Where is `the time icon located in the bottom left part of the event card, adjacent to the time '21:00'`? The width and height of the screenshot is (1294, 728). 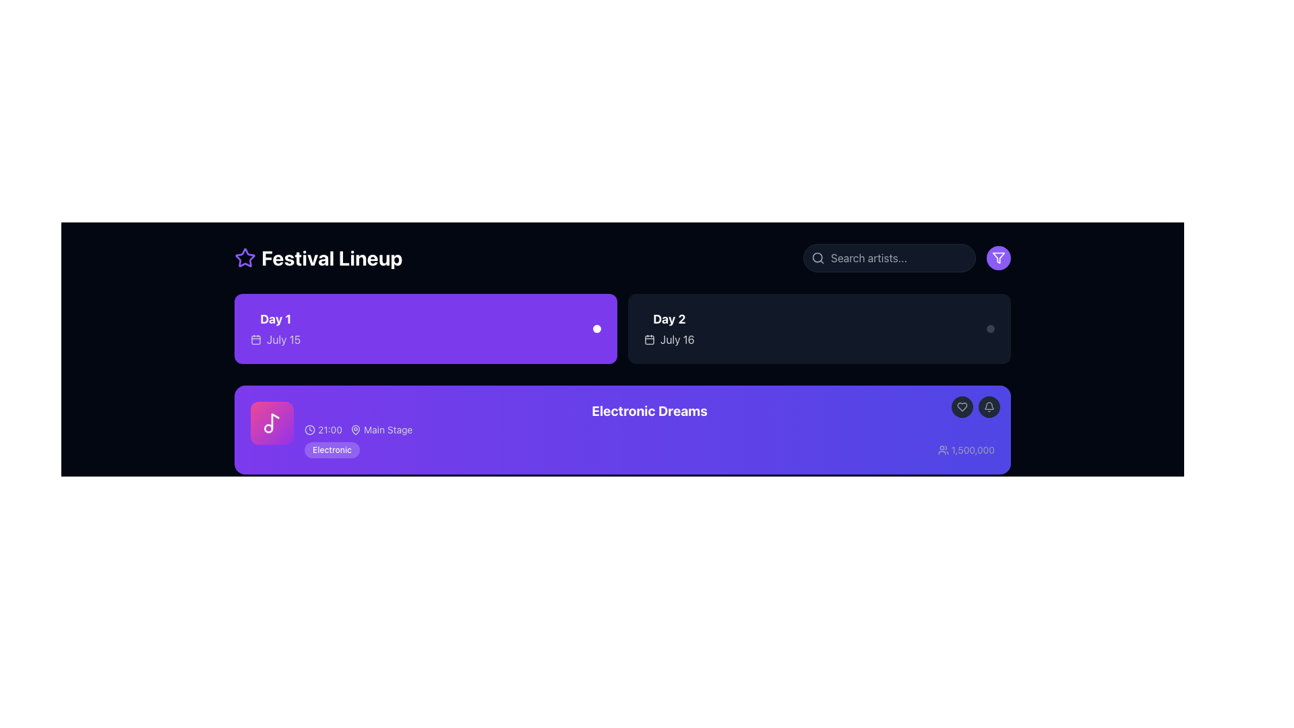
the time icon located in the bottom left part of the event card, adjacent to the time '21:00' is located at coordinates (309, 429).